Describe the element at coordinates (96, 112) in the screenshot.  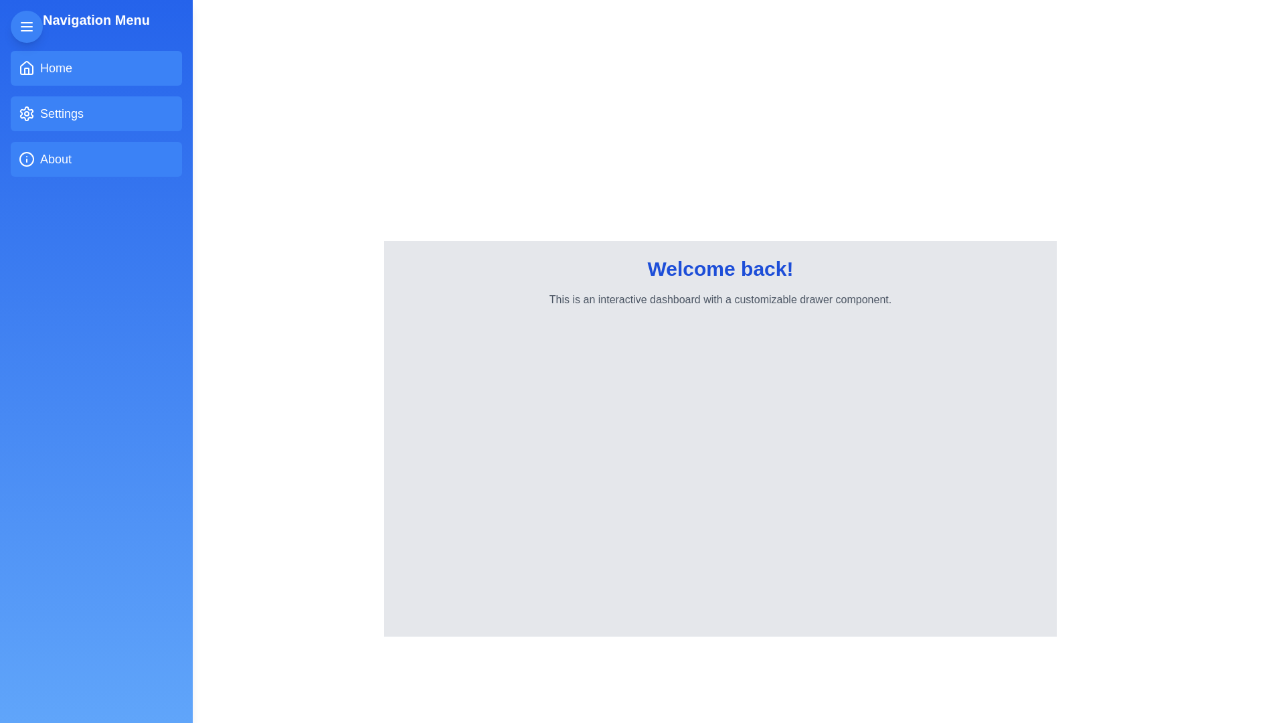
I see `the Settings item from the navigation menu` at that location.